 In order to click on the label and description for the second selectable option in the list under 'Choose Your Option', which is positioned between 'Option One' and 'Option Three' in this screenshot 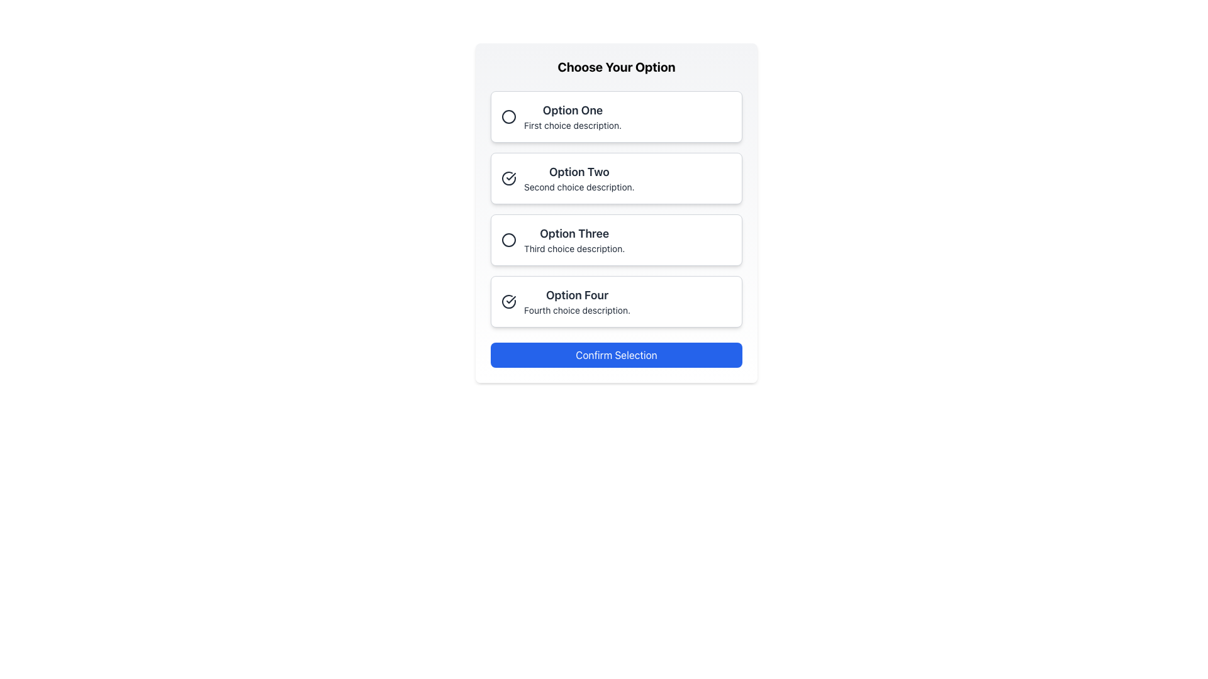, I will do `click(578, 179)`.